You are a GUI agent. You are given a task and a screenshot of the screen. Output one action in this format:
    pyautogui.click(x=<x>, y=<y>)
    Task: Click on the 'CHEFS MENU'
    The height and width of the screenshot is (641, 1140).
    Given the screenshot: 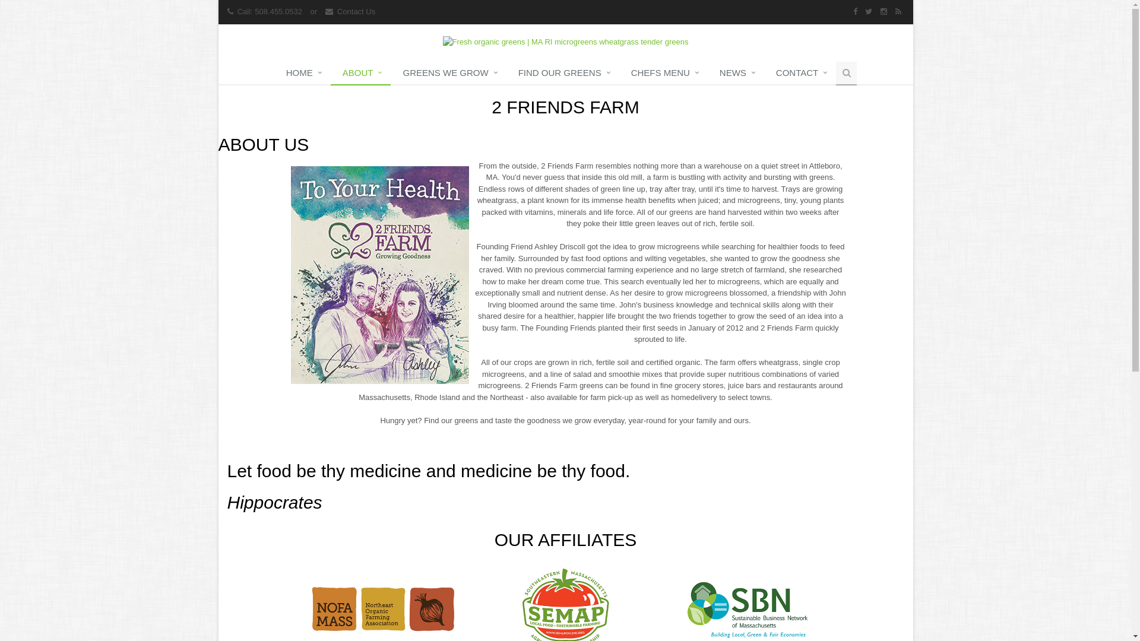 What is the action you would take?
    pyautogui.click(x=663, y=73)
    